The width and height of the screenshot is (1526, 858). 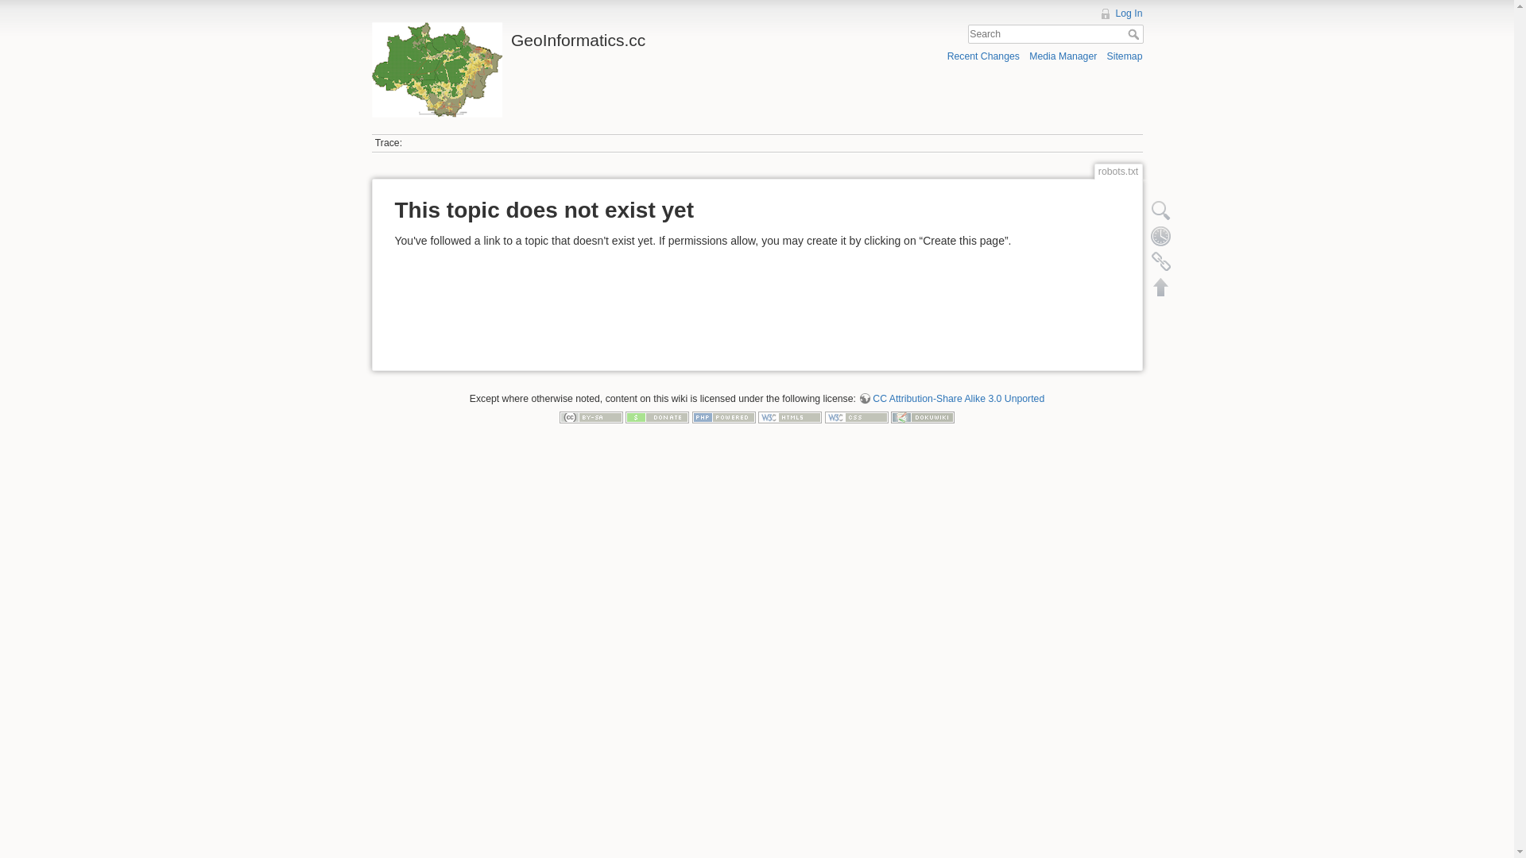 I want to click on 'Media Manager', so click(x=1063, y=55).